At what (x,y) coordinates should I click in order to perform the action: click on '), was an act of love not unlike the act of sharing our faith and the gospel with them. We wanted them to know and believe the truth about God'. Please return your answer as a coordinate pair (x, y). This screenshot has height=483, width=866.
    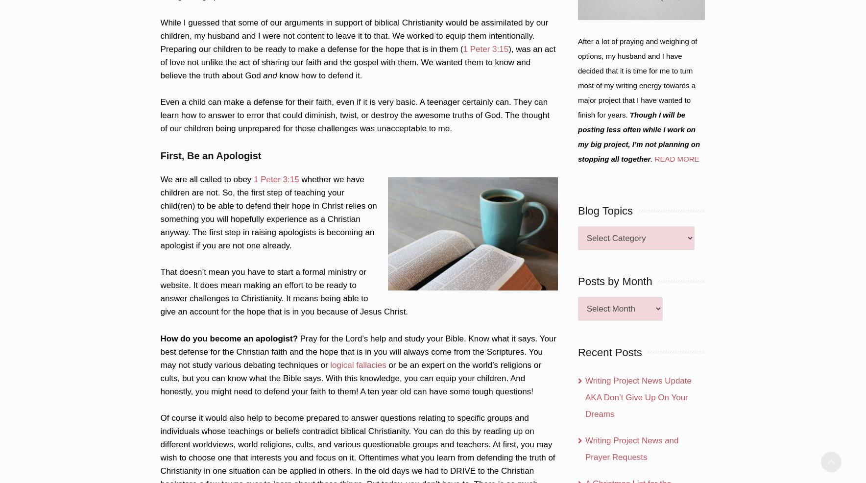
    Looking at the image, I should click on (358, 62).